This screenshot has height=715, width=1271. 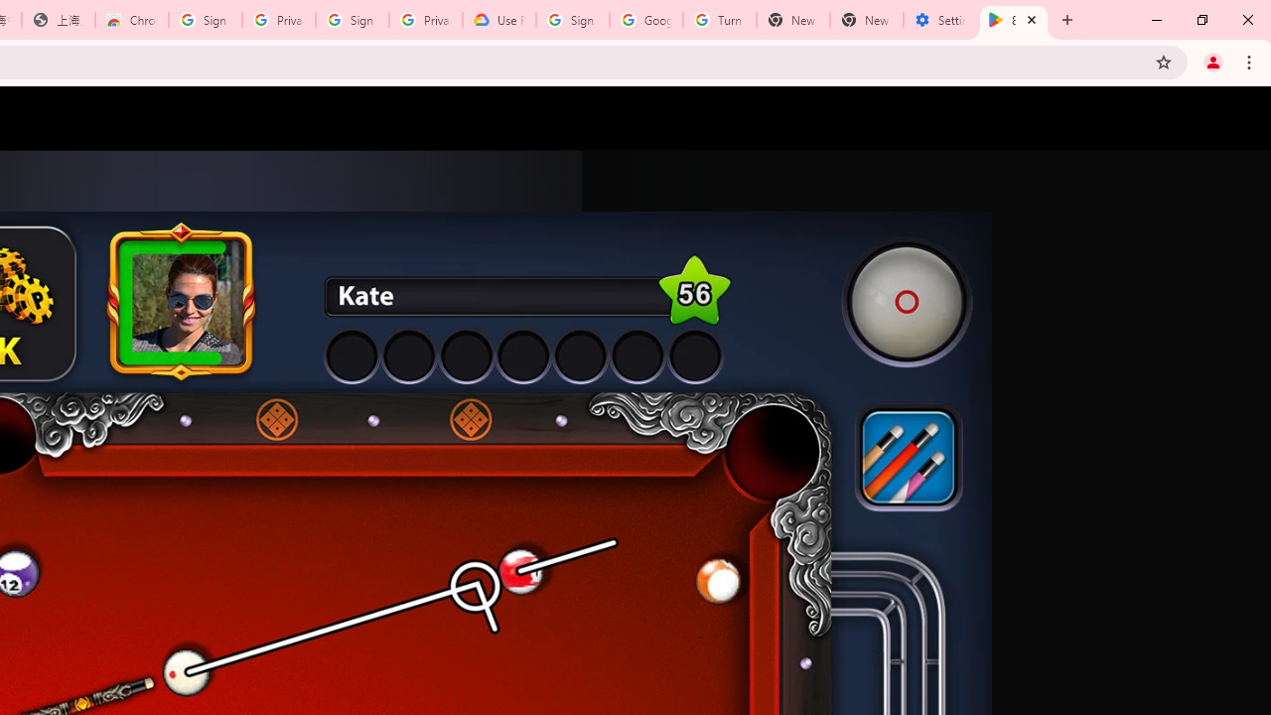 I want to click on 'Google Account Help', so click(x=646, y=20).